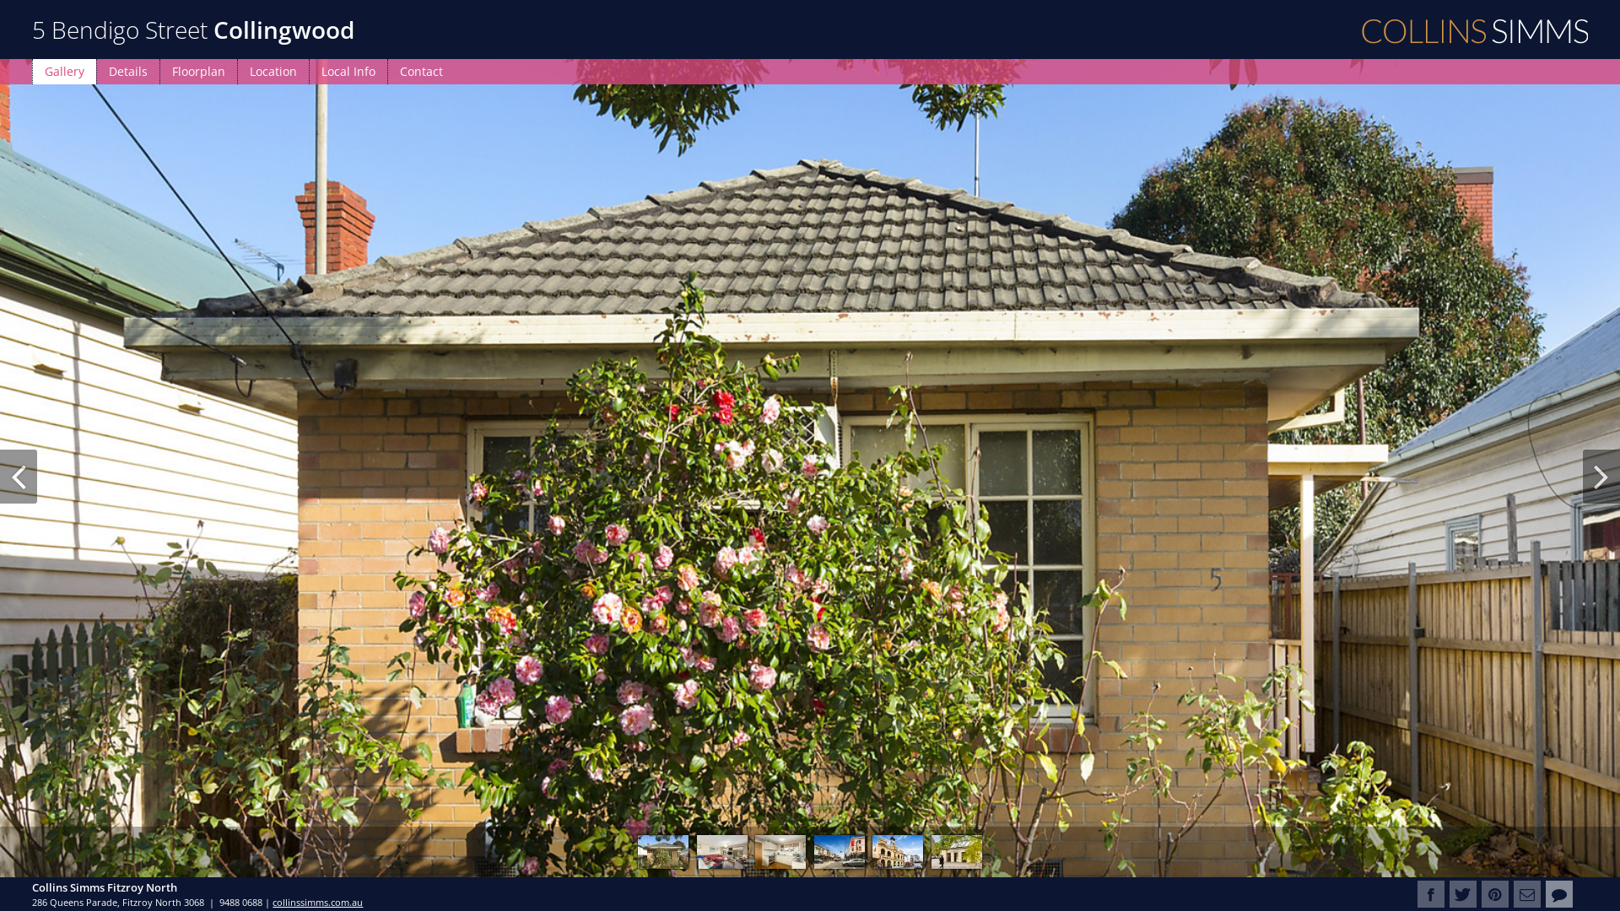 This screenshot has width=1620, height=911. What do you see at coordinates (347, 70) in the screenshot?
I see `'Local Info'` at bounding box center [347, 70].